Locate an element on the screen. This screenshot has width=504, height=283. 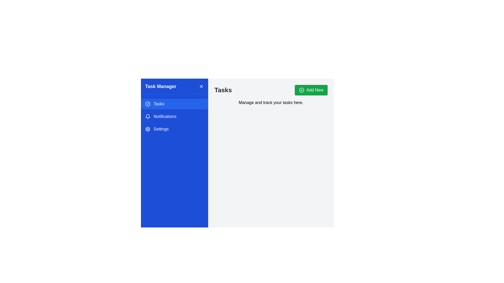
the 'Task Manager' title in the Navigation header bar is located at coordinates (175, 86).